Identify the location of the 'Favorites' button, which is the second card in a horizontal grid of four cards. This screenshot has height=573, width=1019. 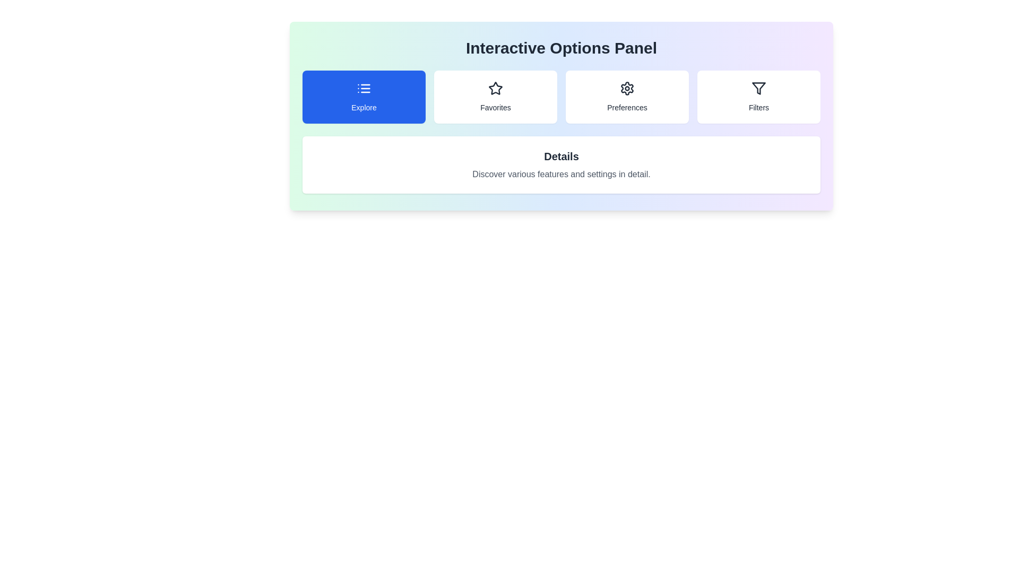
(495, 97).